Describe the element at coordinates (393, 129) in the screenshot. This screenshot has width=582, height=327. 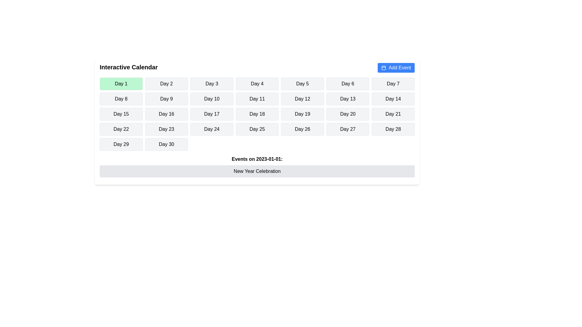
I see `the rectangular button labeled 'Day 28' with a light gray background` at that location.